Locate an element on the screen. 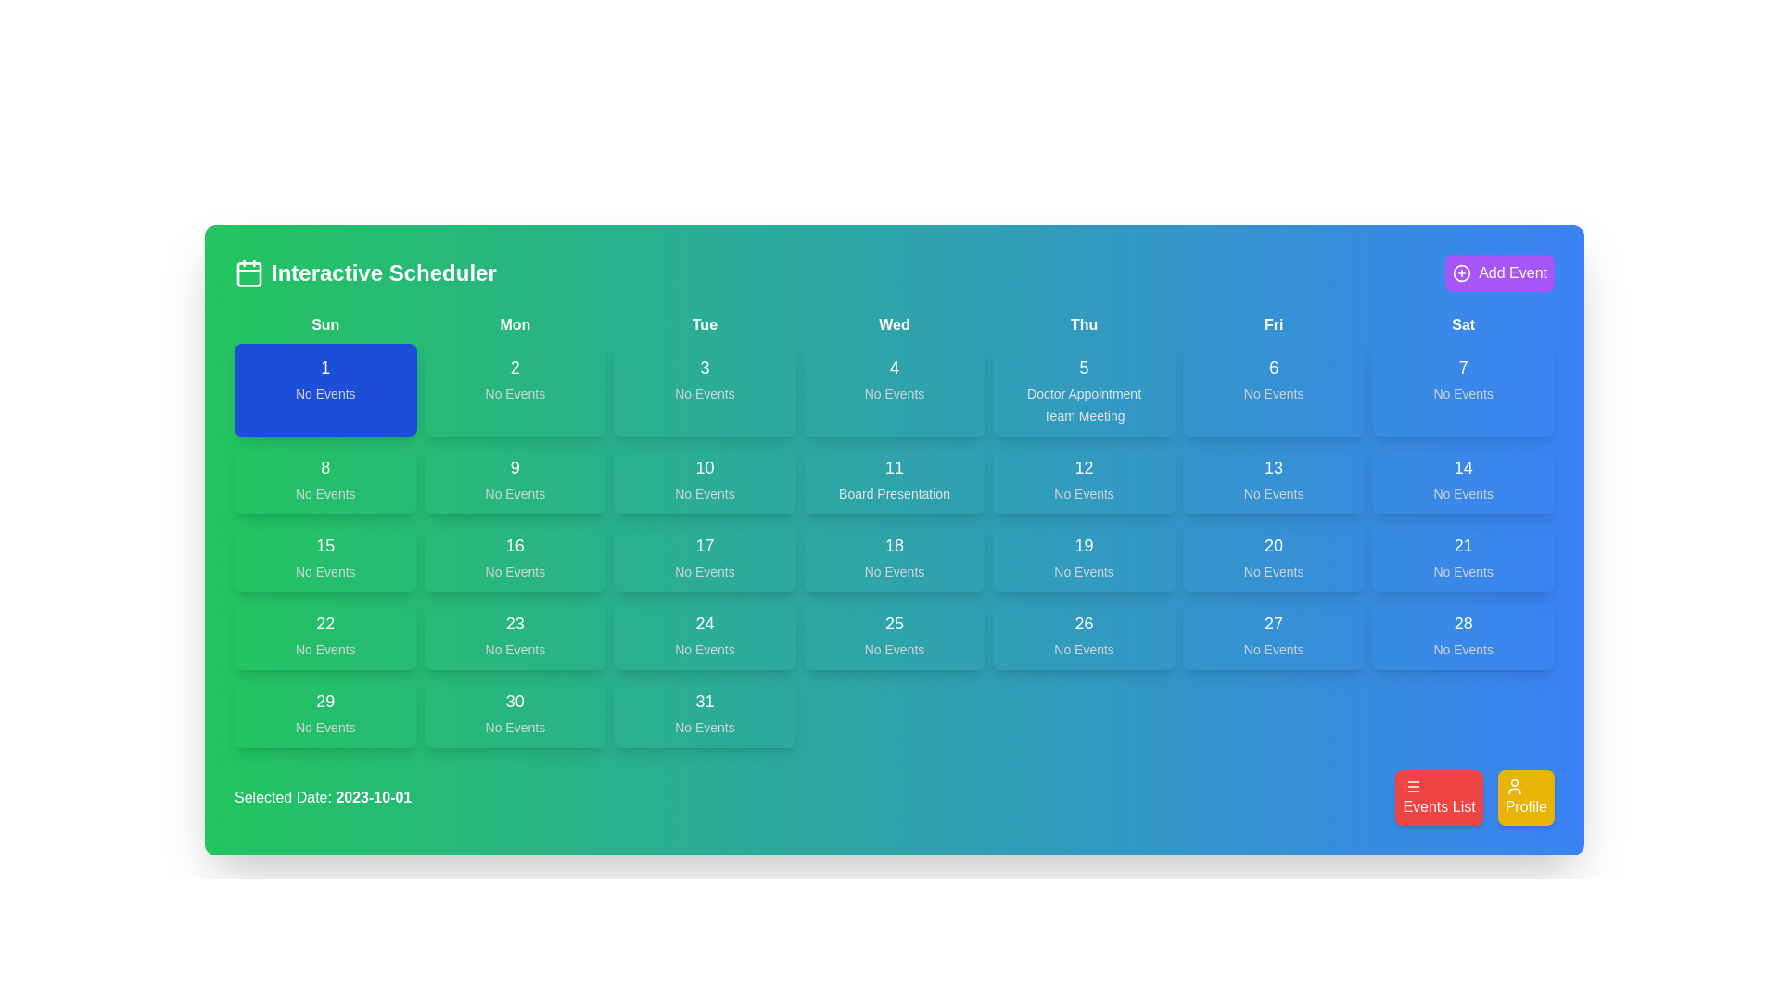  the static text representing the date '13' in the calendar view, which is located in the sixth box of the second row is located at coordinates (1273, 467).